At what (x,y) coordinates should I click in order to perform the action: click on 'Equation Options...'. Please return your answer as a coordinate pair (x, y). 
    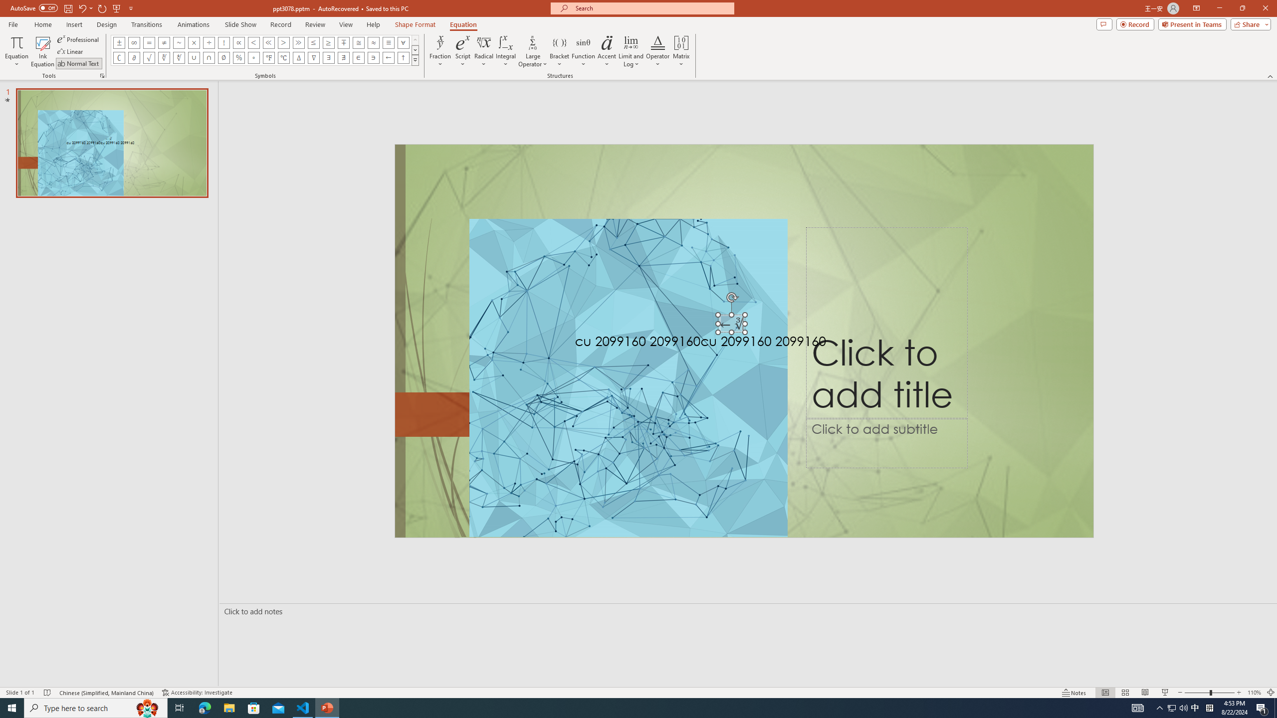
    Looking at the image, I should click on (101, 75).